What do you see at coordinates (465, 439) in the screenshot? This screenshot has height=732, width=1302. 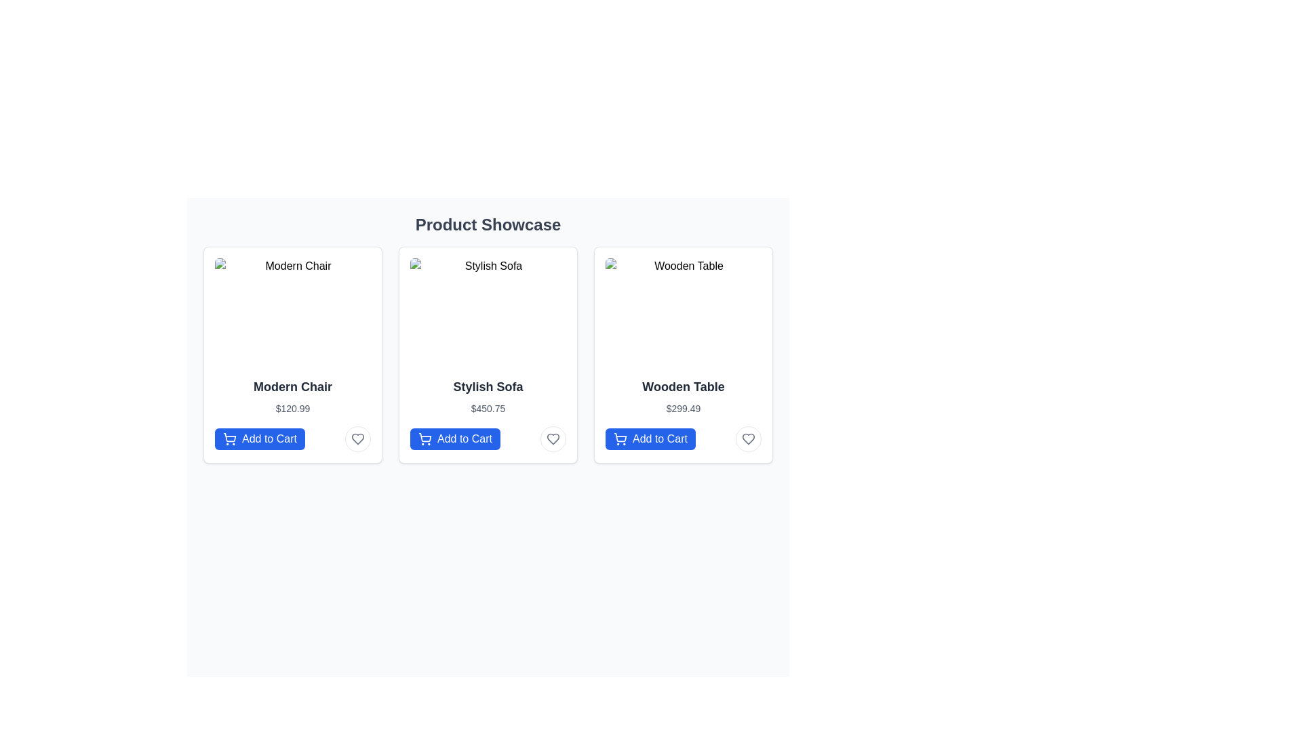 I see `the text label displaying 'Add to Cart'` at bounding box center [465, 439].